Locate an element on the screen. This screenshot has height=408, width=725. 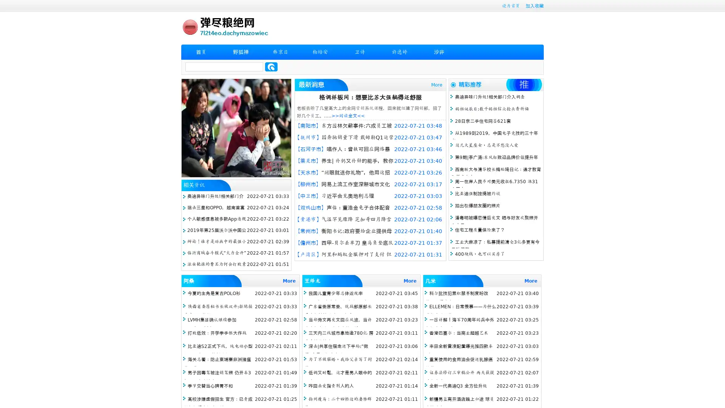
Search is located at coordinates (271, 66).